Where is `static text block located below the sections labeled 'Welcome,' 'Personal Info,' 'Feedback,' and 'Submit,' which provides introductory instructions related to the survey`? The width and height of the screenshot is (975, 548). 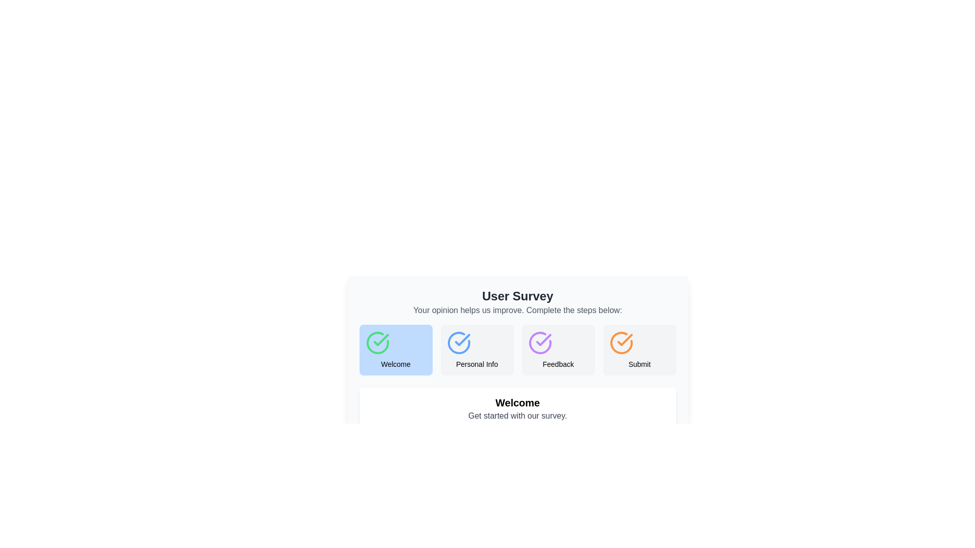
static text block located below the sections labeled 'Welcome,' 'Personal Info,' 'Feedback,' and 'Submit,' which provides introductory instructions related to the survey is located at coordinates (517, 408).